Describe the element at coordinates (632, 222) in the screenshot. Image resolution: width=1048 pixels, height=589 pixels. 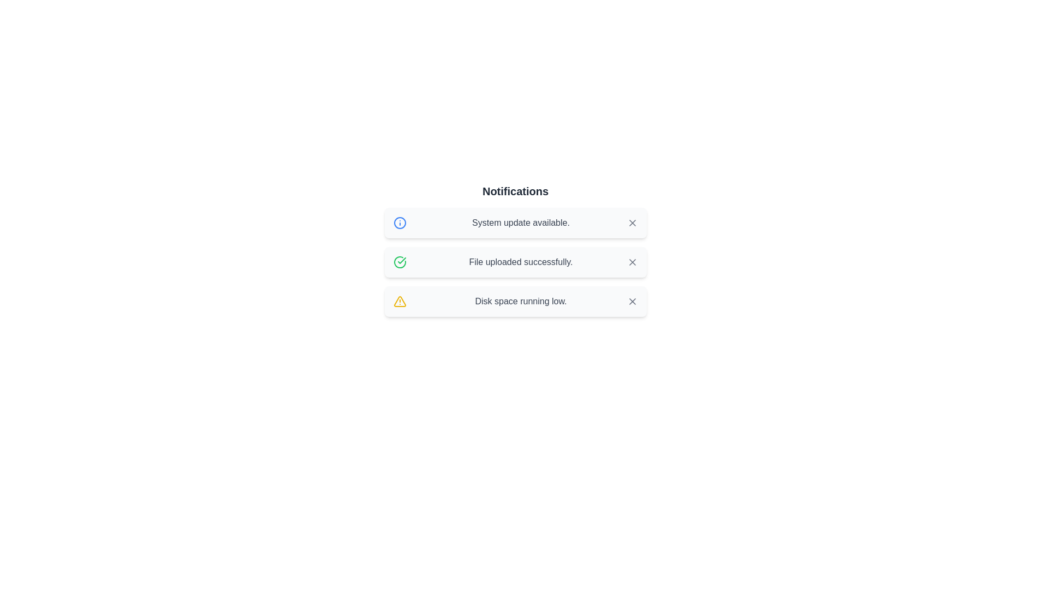
I see `the Close button located at the top-right corner of the first notification entry with the text 'System update available'` at that location.